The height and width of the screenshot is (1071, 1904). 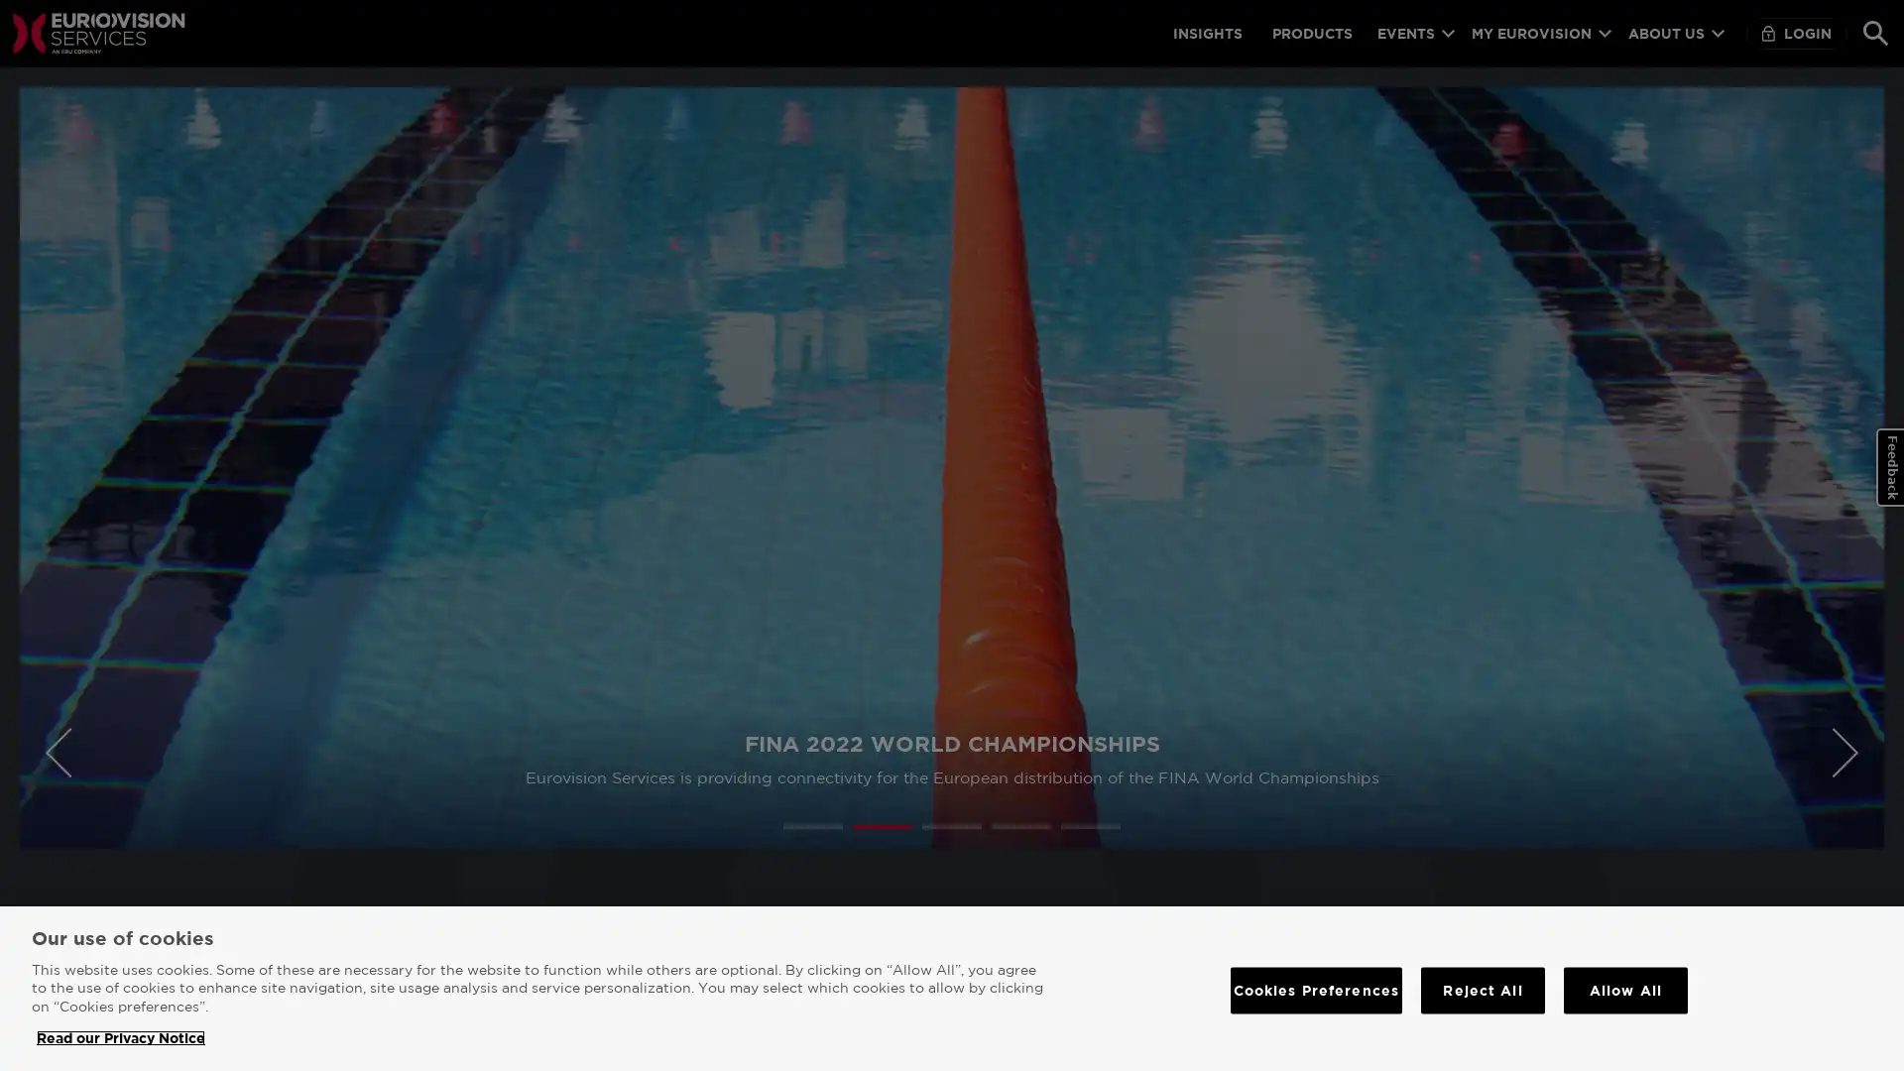 What do you see at coordinates (1874, 33) in the screenshot?
I see `Search` at bounding box center [1874, 33].